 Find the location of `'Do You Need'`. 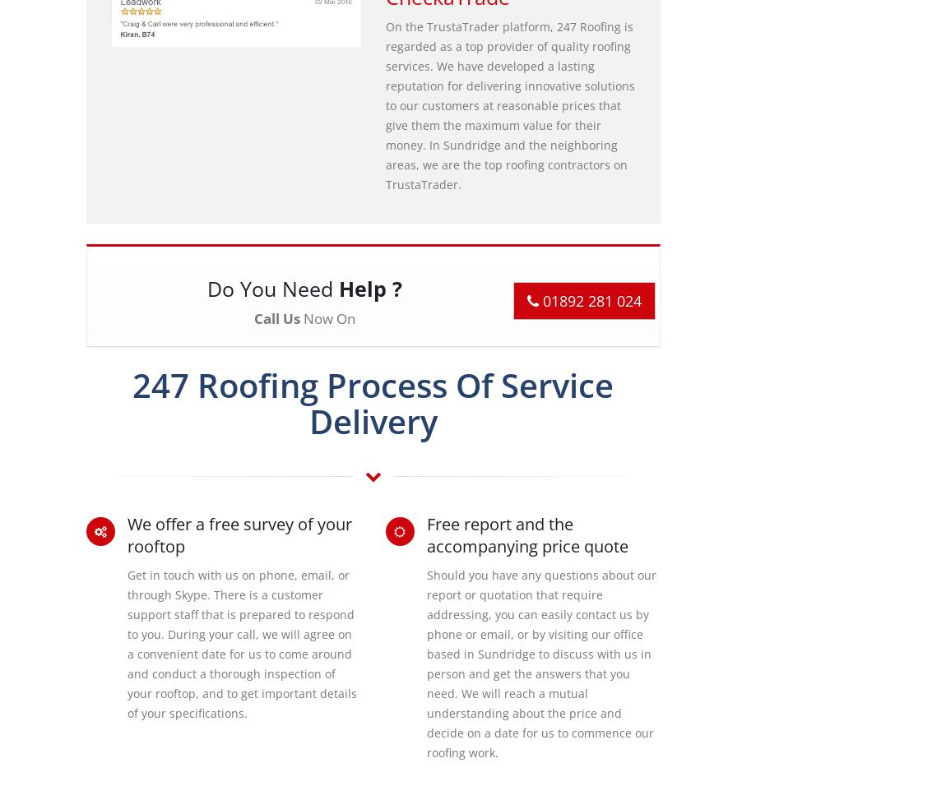

'Do You Need' is located at coordinates (271, 287).